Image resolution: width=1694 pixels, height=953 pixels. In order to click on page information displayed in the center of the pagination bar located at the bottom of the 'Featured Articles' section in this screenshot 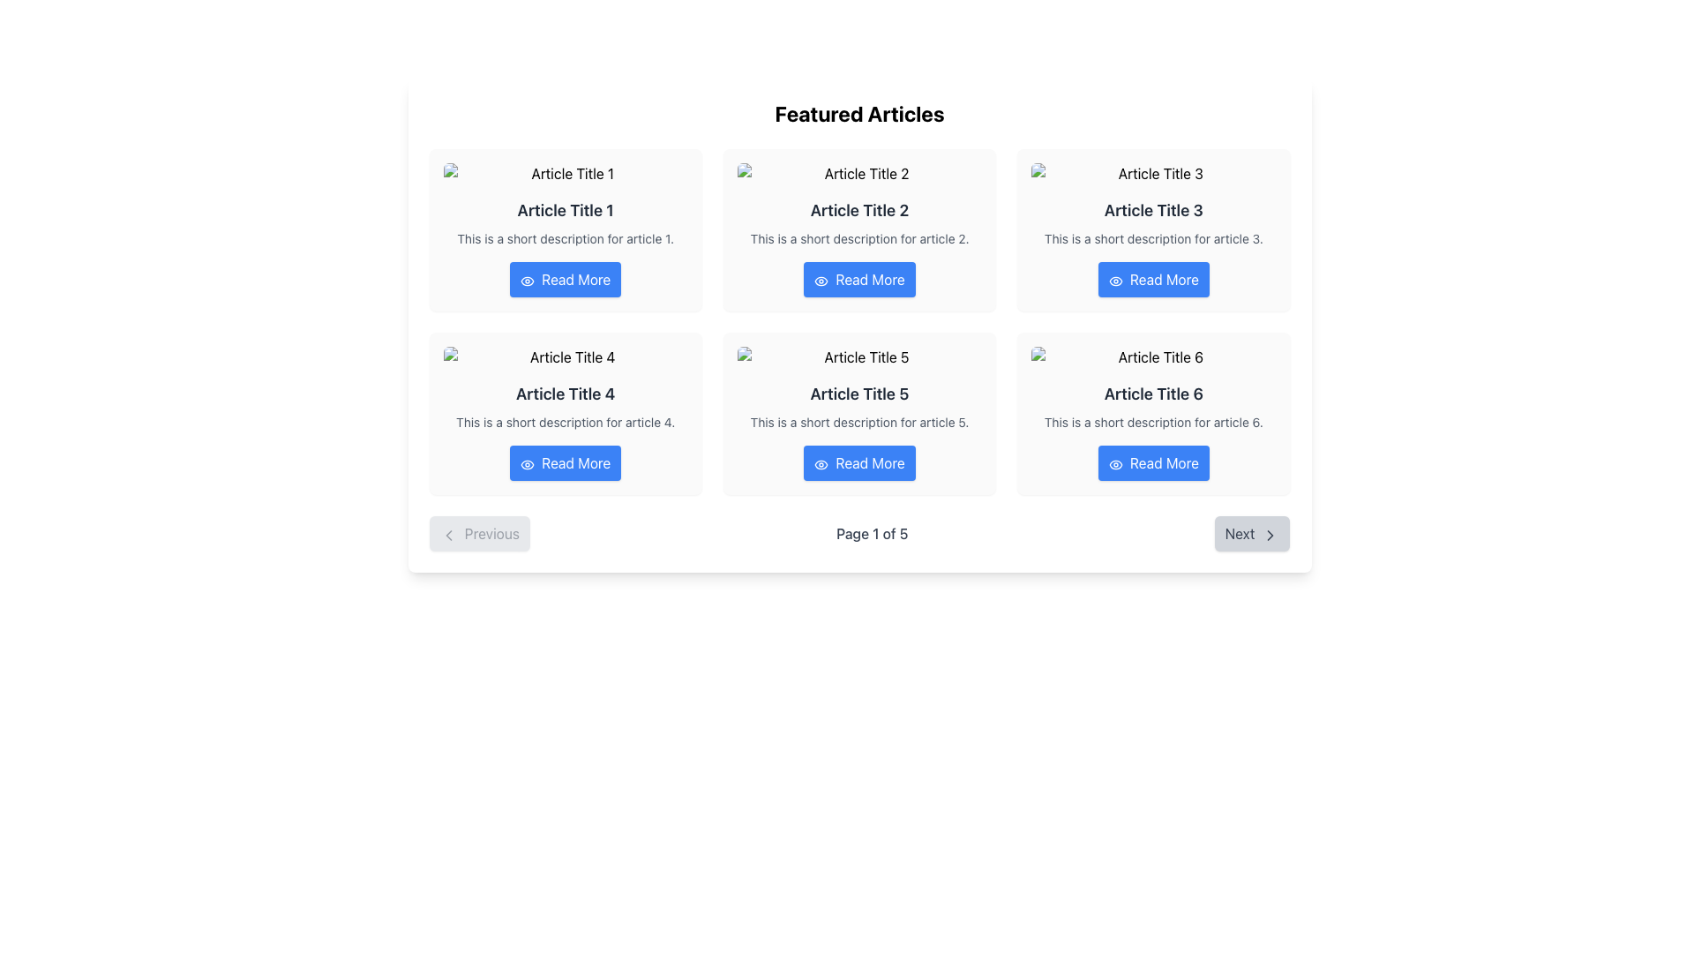, I will do `click(859, 533)`.